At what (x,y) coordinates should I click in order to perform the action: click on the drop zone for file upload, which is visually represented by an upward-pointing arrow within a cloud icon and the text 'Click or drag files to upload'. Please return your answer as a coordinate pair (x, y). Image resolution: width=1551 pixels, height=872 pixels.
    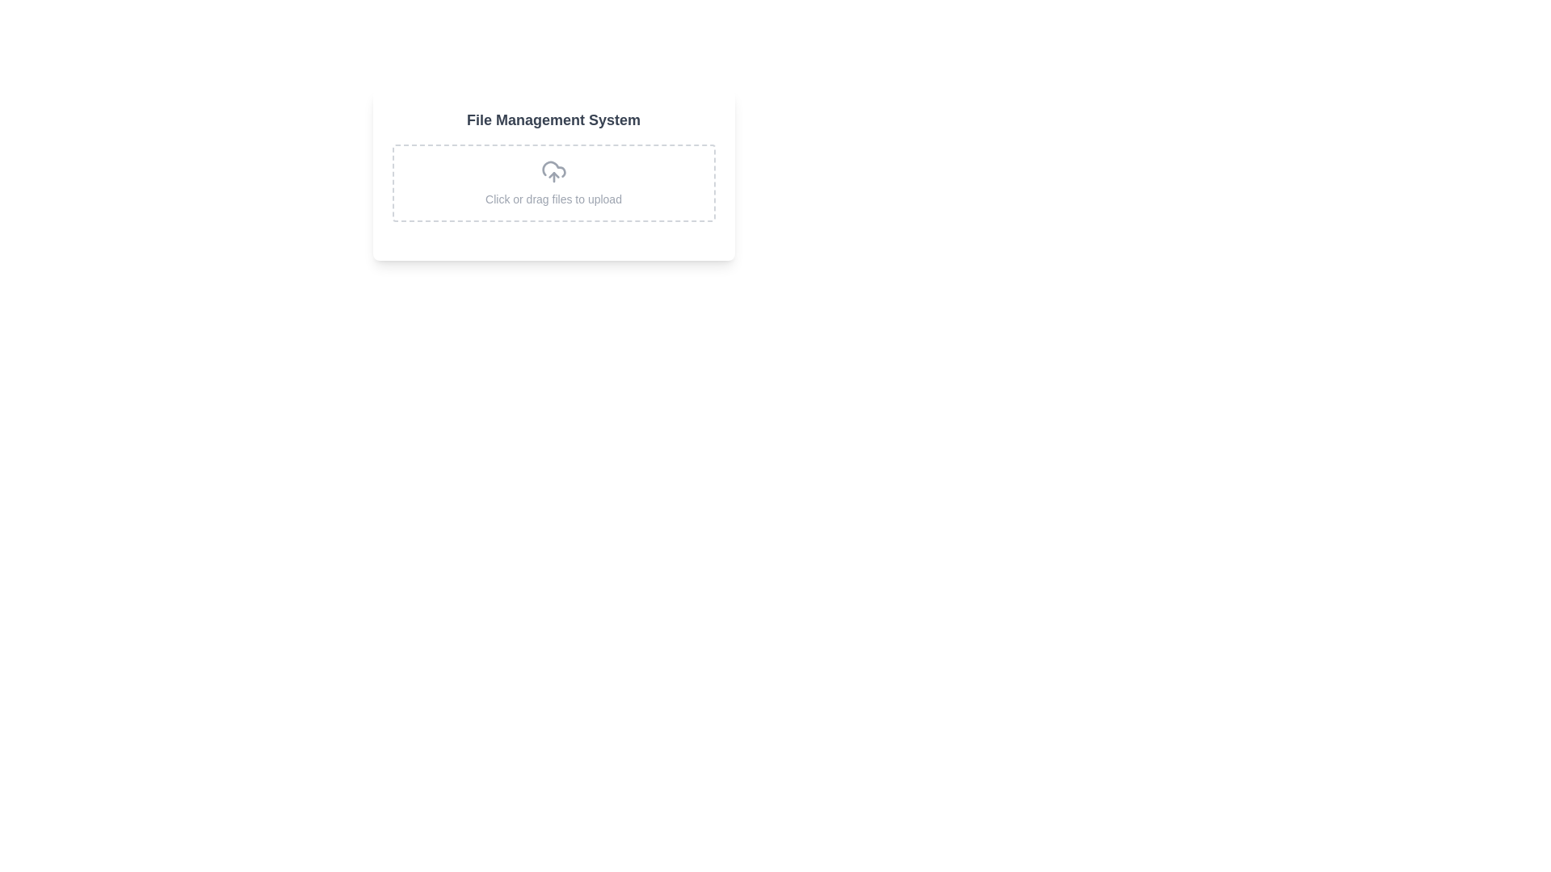
    Looking at the image, I should click on (553, 182).